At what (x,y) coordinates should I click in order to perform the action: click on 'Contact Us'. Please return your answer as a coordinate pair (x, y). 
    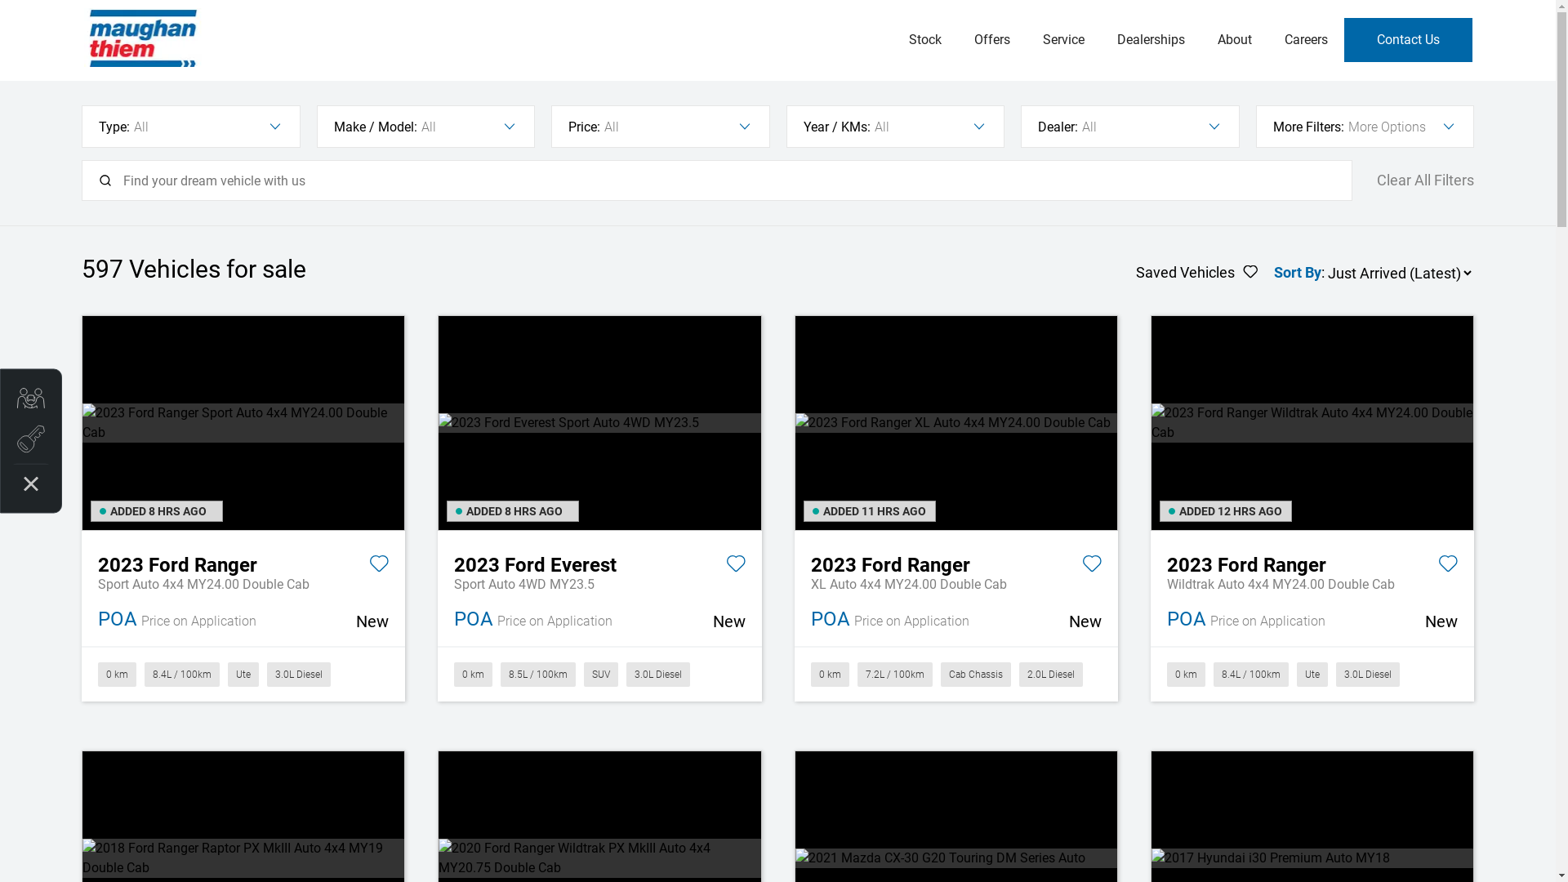
    Looking at the image, I should click on (1407, 39).